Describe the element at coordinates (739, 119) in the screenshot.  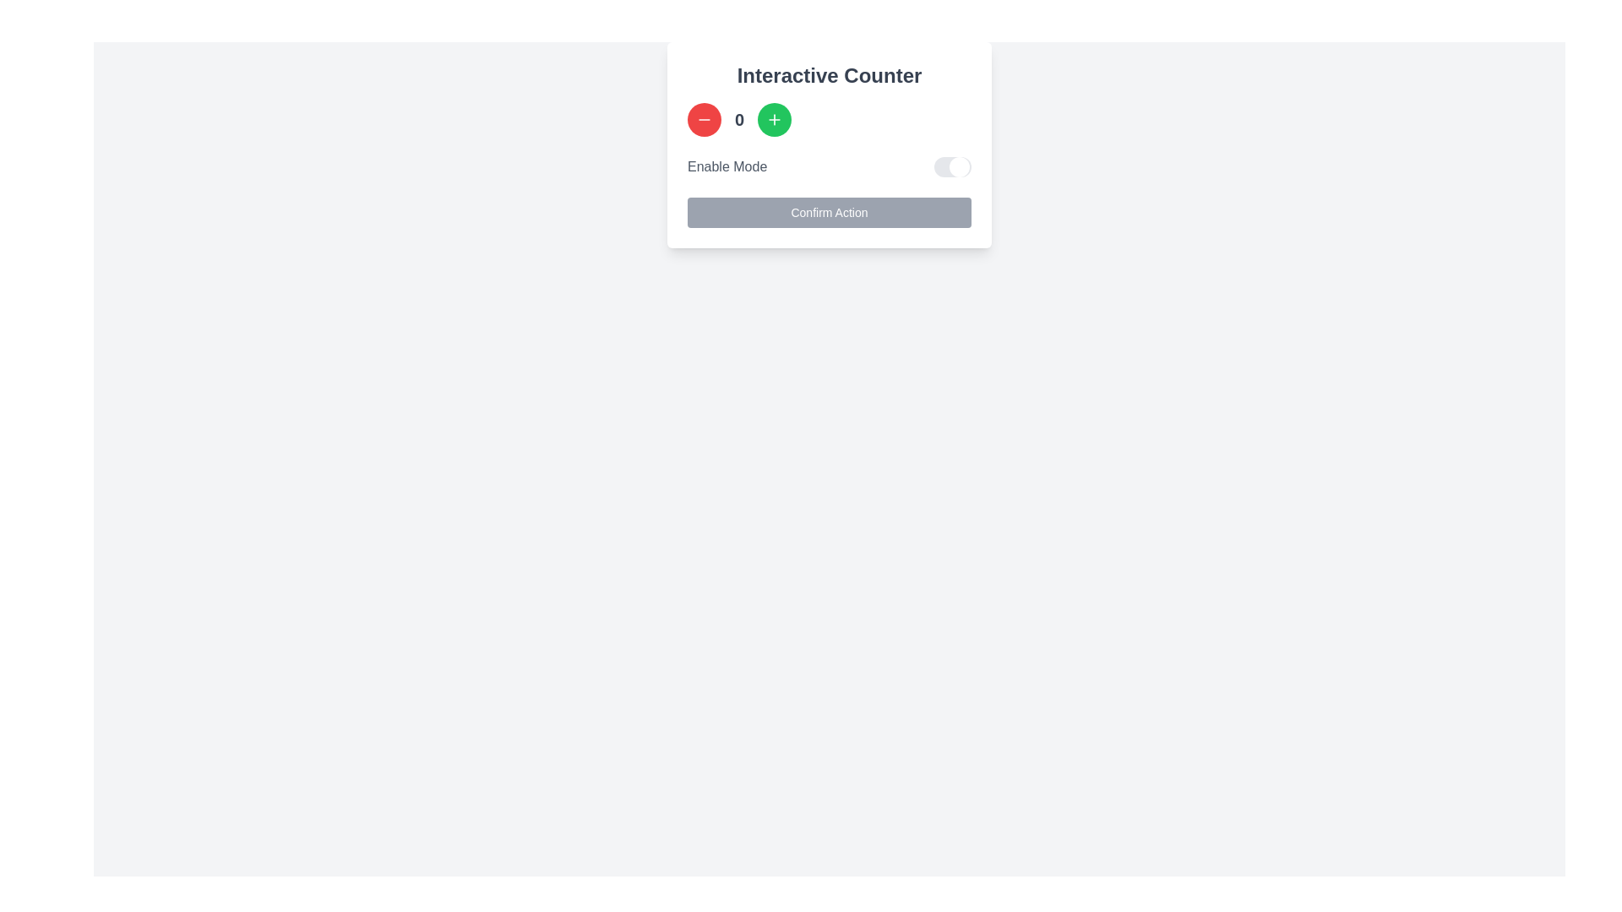
I see `the Label/Text Display element that shows the current value of a counter, positioned centrally between the red 'minus' button and the green 'plus' button` at that location.